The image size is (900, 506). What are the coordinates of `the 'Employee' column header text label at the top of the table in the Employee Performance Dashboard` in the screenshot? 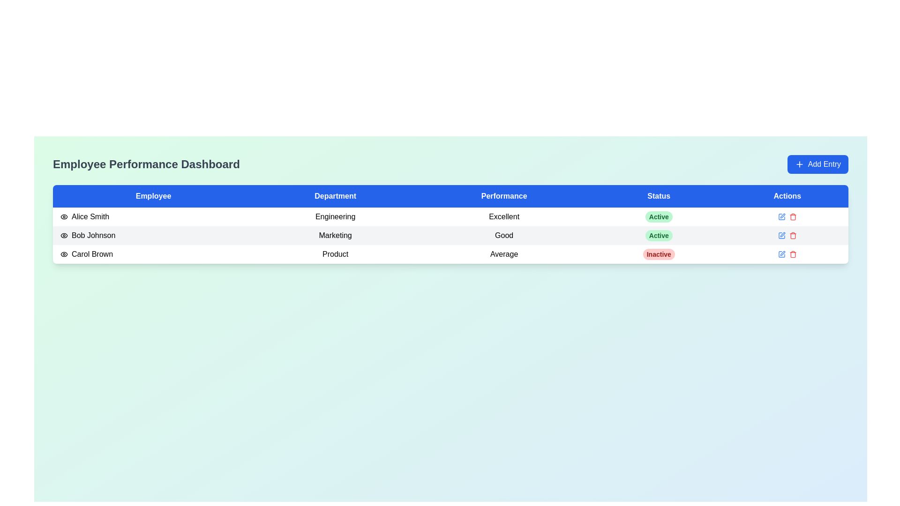 It's located at (153, 196).